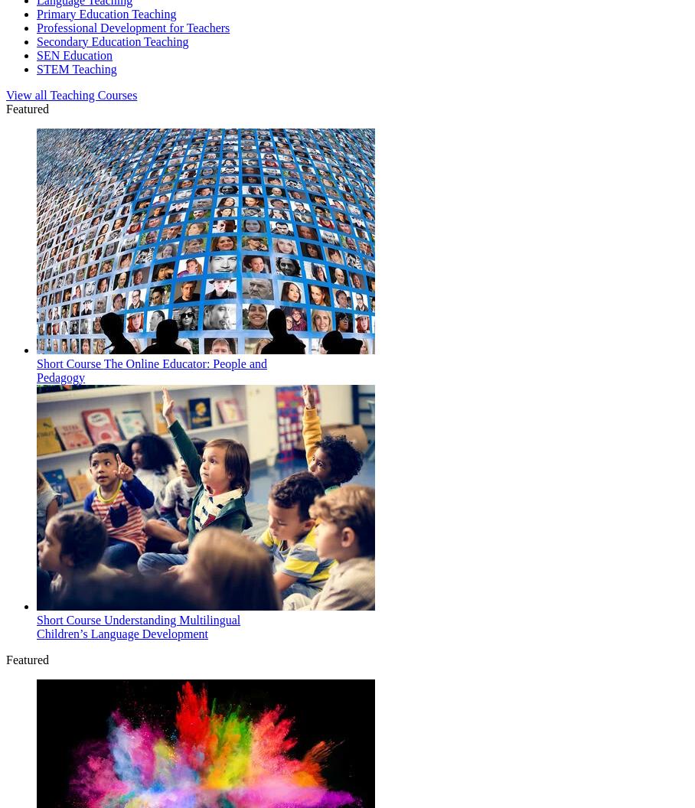  Describe the element at coordinates (75, 67) in the screenshot. I see `'STEM Teaching'` at that location.